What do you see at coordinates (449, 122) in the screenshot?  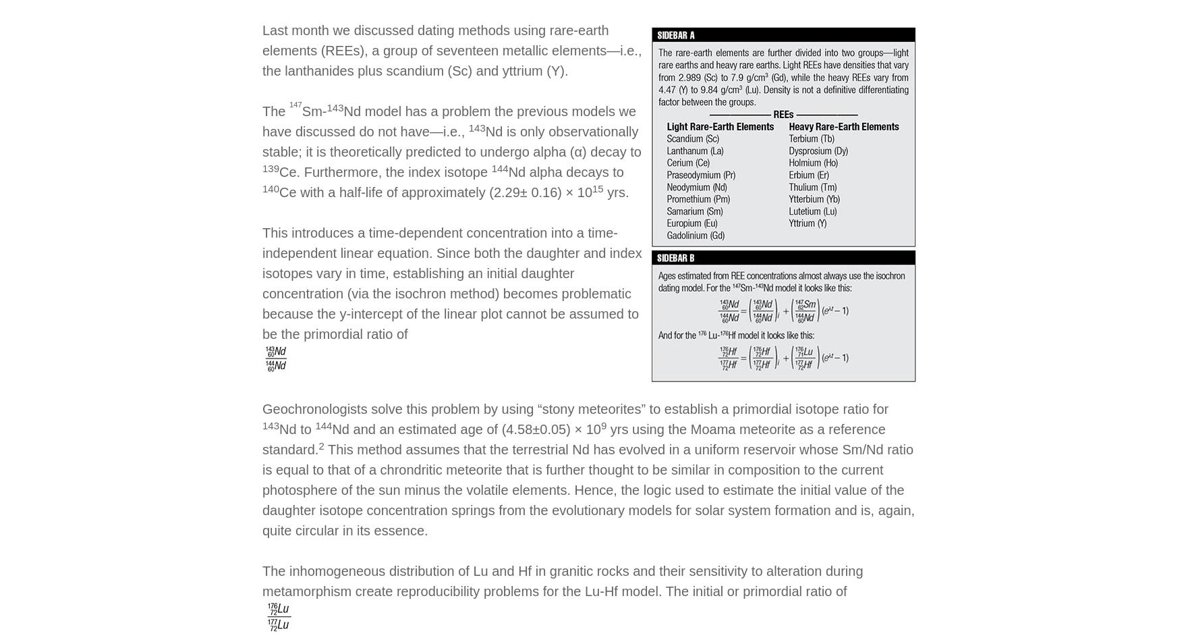 I see `'Nd model has a problem the previous models we have discussed do not have—i.e.,'` at bounding box center [449, 122].